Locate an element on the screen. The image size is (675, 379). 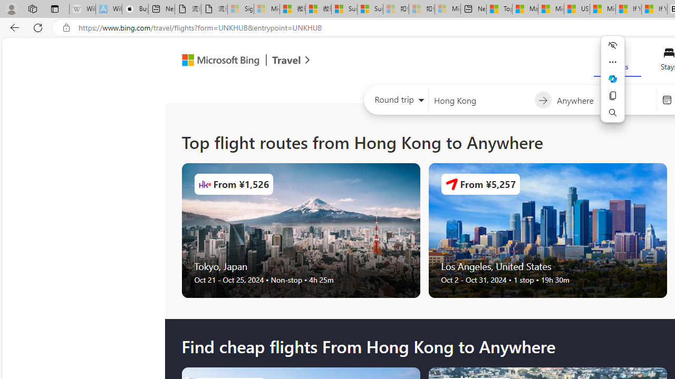
'Airlines Logo' is located at coordinates (451, 183).